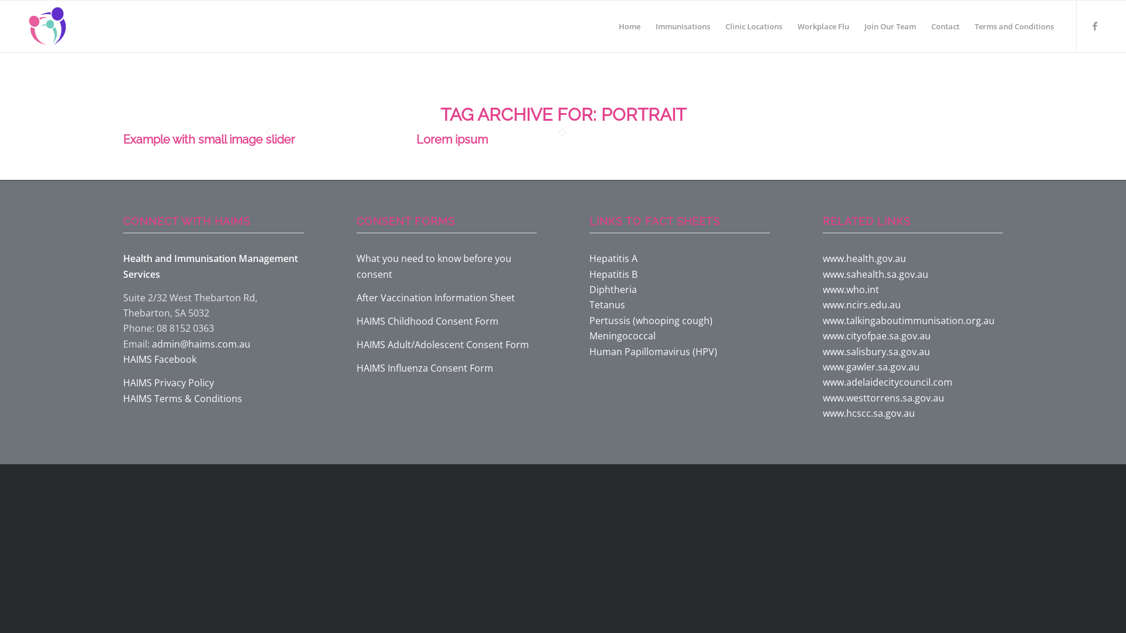 This screenshot has height=633, width=1126. What do you see at coordinates (883, 397) in the screenshot?
I see `'www.westtorrens.sa.gov.au'` at bounding box center [883, 397].